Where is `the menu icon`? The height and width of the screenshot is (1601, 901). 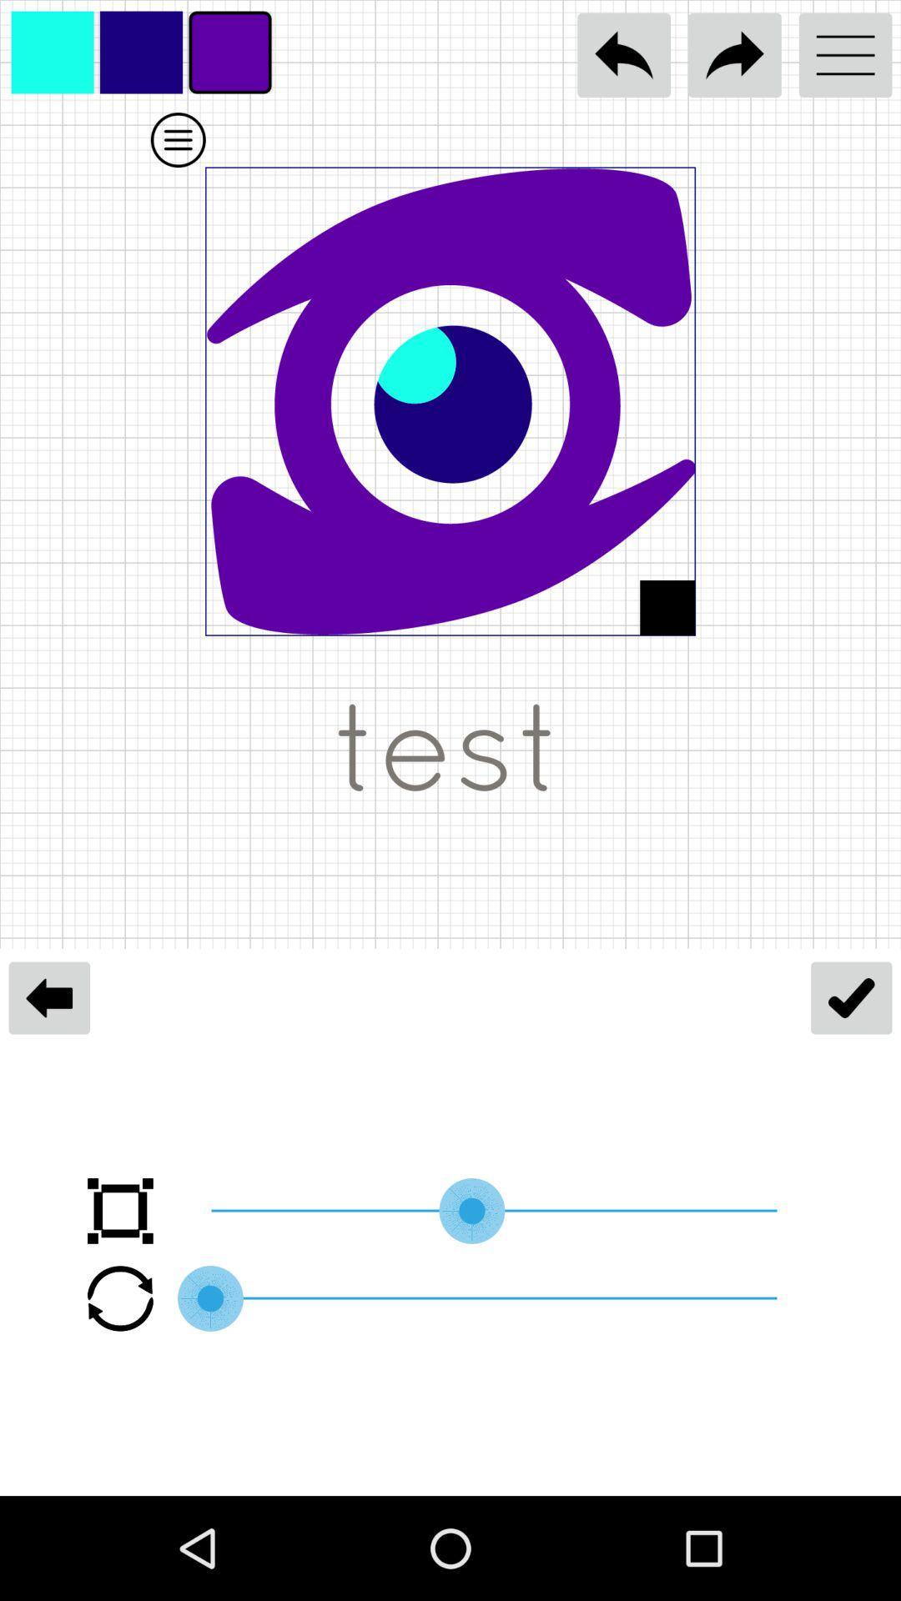 the menu icon is located at coordinates (845, 55).